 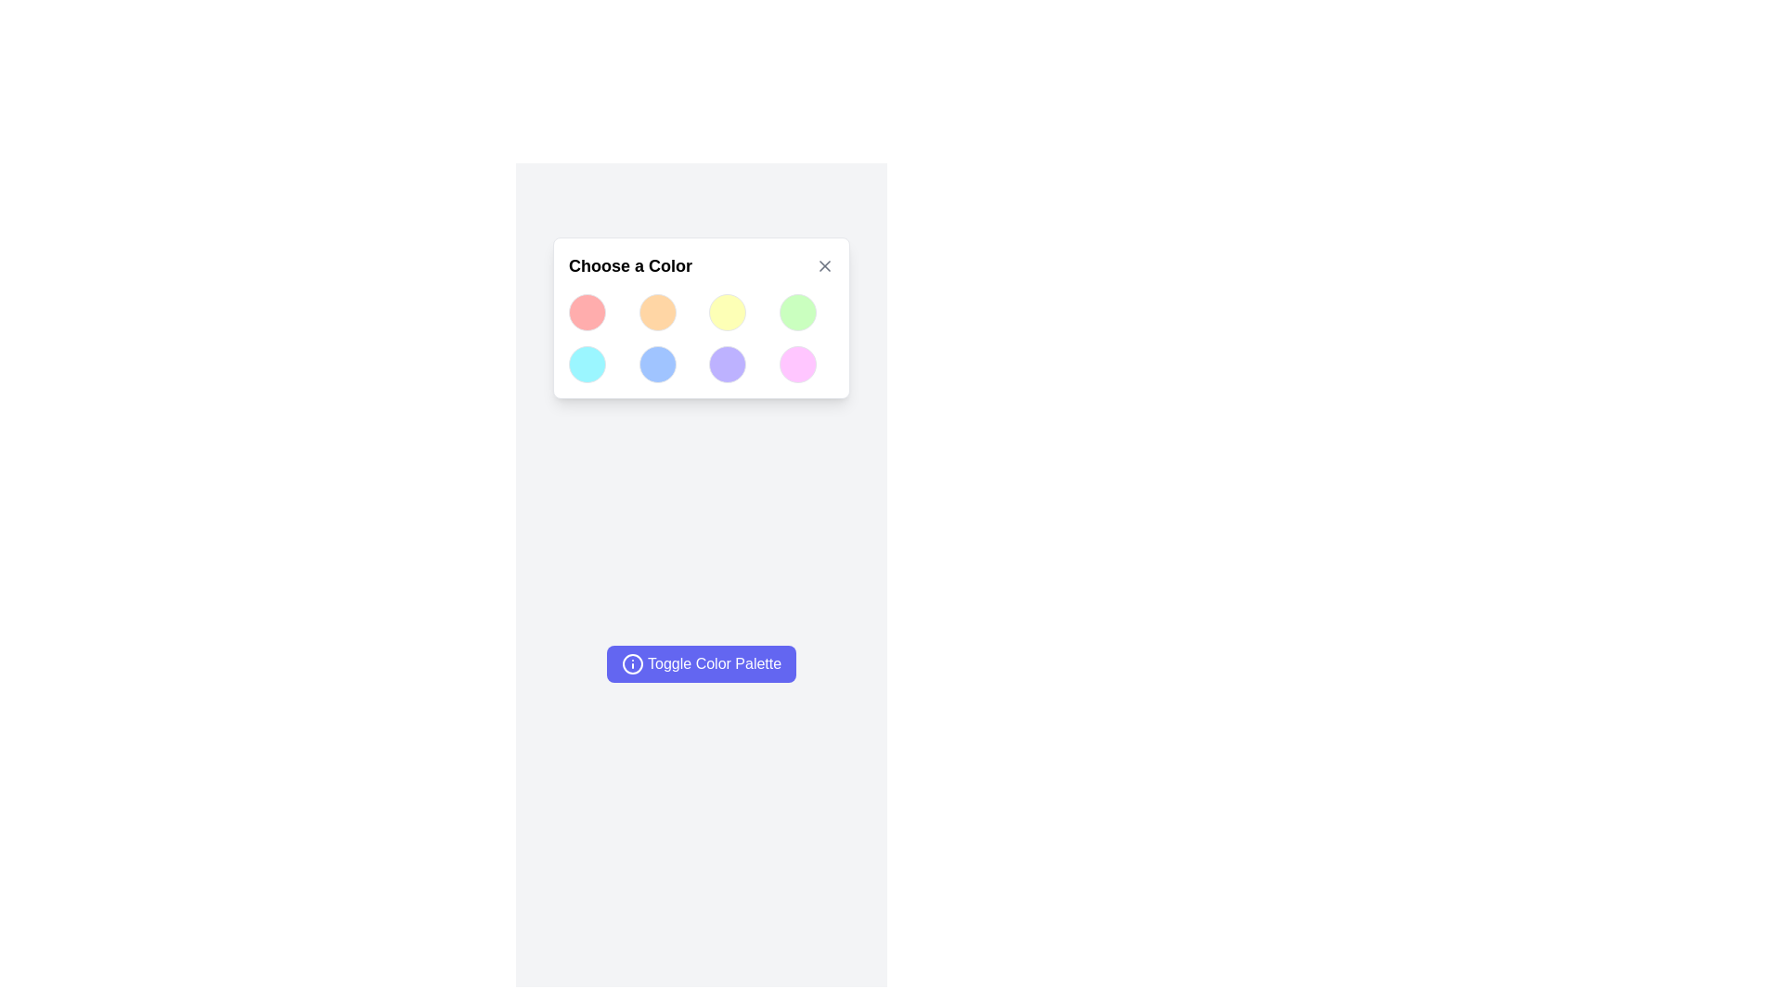 What do you see at coordinates (700, 339) in the screenshot?
I see `the color swatch in the clickable grid located in the 'Choose a Color' modal` at bounding box center [700, 339].